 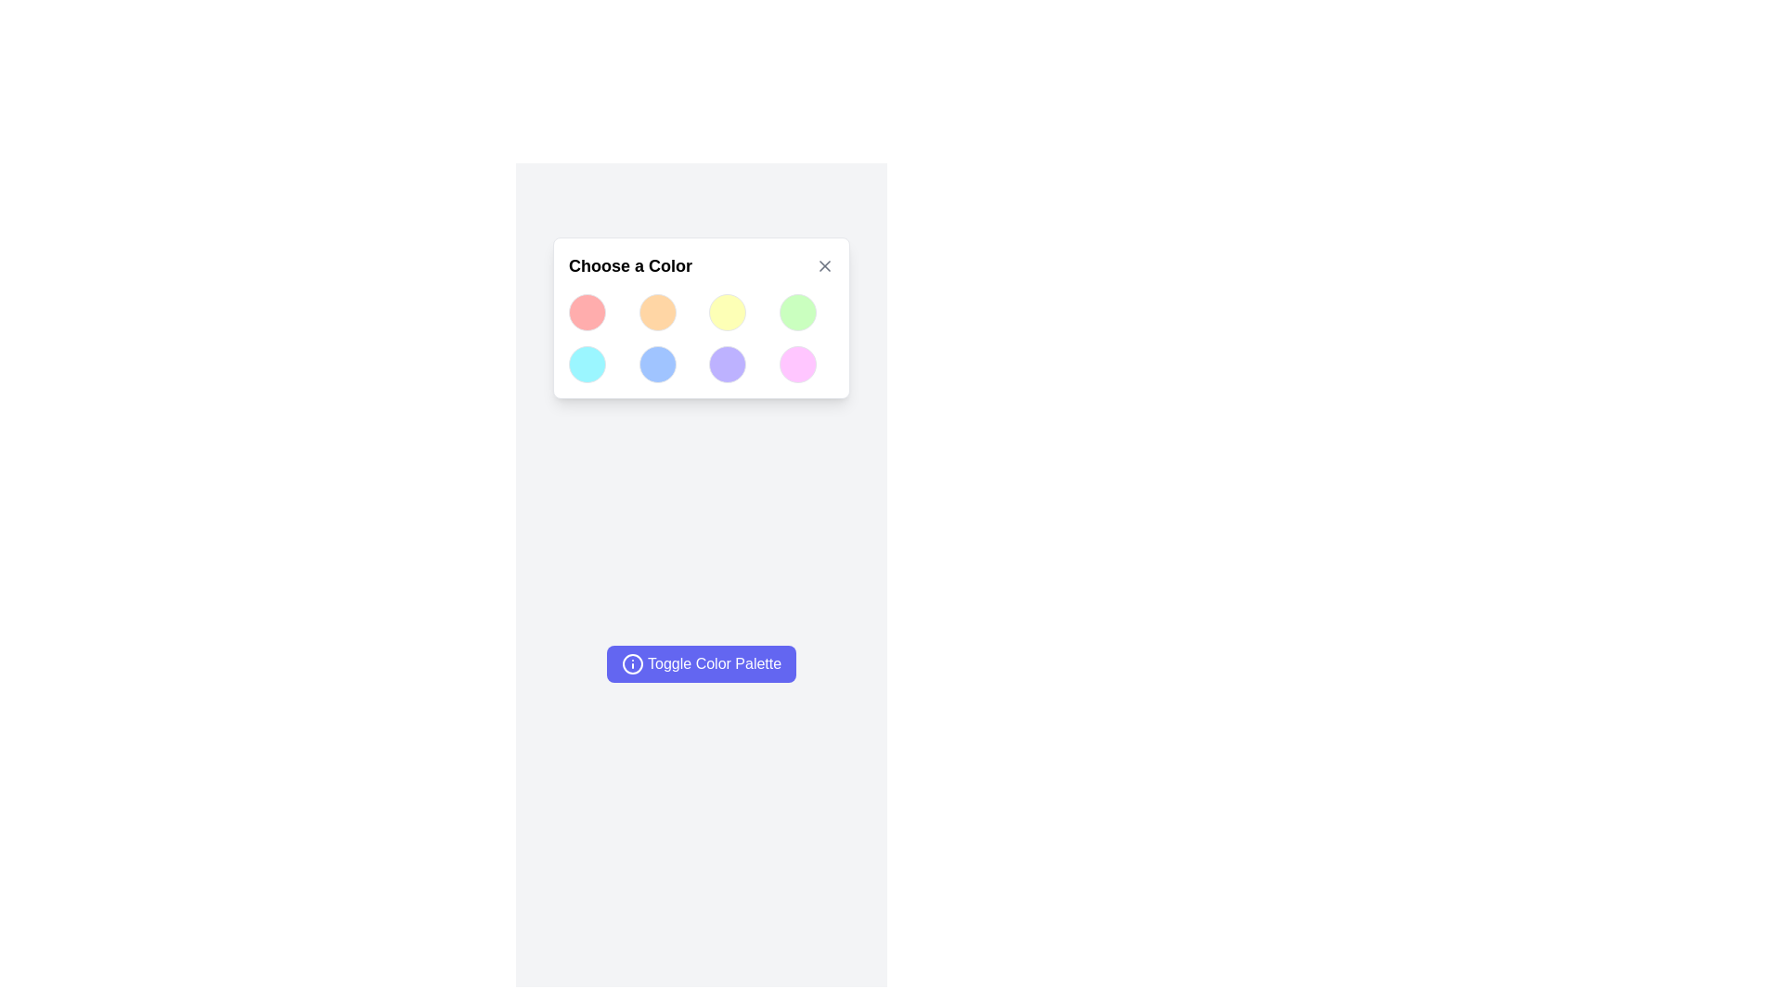 What do you see at coordinates (700, 339) in the screenshot?
I see `the color swatch in the clickable grid located in the 'Choose a Color' modal` at bounding box center [700, 339].